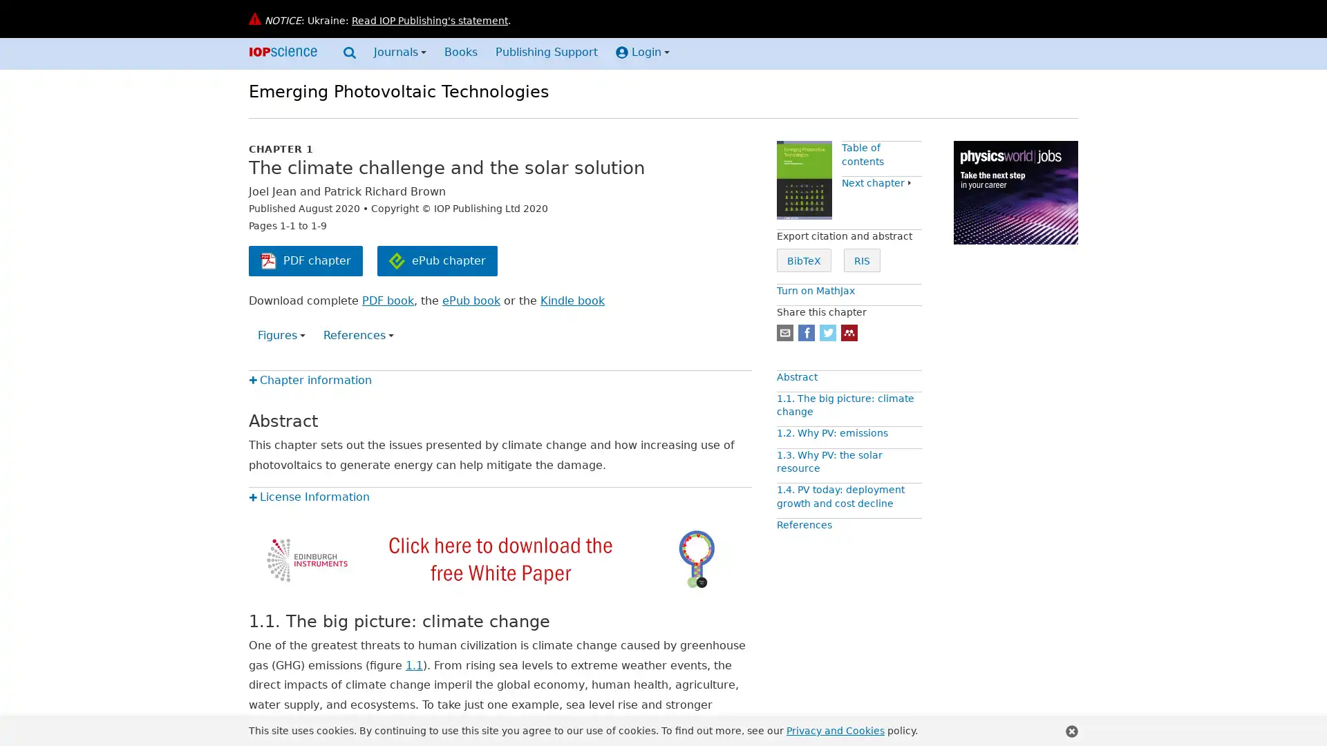 This screenshot has width=1327, height=746. I want to click on Search, so click(349, 55).